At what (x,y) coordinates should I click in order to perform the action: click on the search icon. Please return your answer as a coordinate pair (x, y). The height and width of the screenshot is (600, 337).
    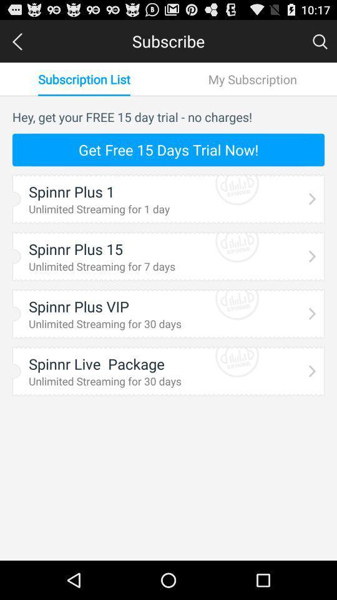
    Looking at the image, I should click on (320, 44).